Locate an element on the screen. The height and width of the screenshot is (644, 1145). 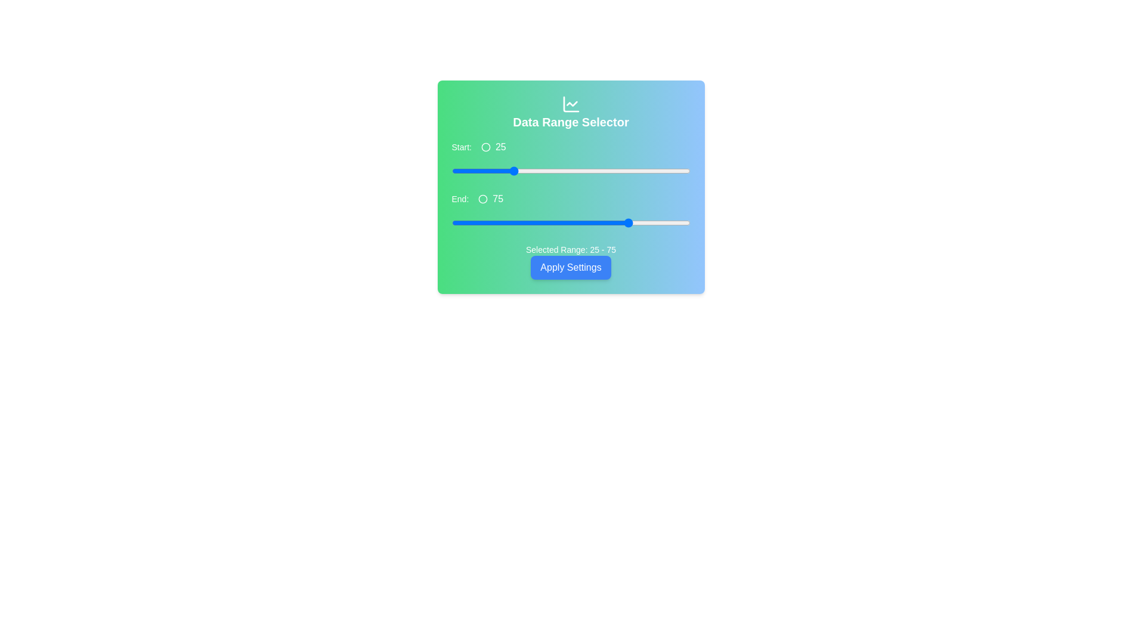
the track of the Range slider located beneath the 'Start: 25' slider and adjacent to the 'End: 75' label to set a new value is located at coordinates (570, 223).